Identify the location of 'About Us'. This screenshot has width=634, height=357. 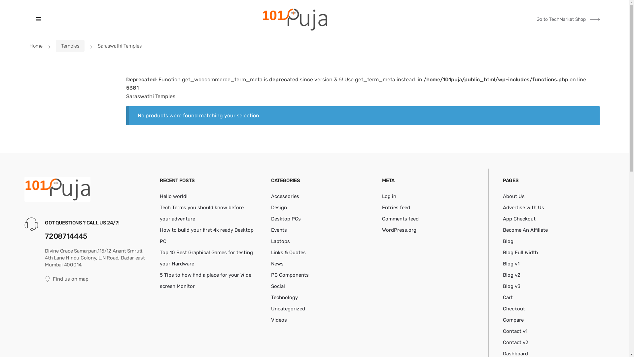
(502, 196).